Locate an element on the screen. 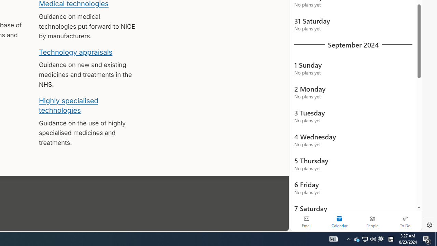 The height and width of the screenshot is (246, 437). 'Selected calendar module. Date today is 22' is located at coordinates (339, 221).